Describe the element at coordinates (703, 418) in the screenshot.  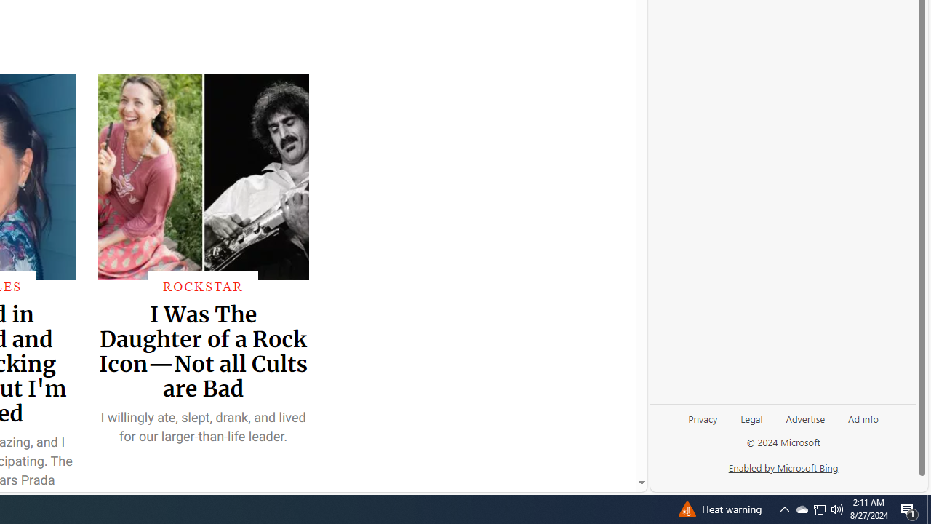
I see `'Privacy'` at that location.